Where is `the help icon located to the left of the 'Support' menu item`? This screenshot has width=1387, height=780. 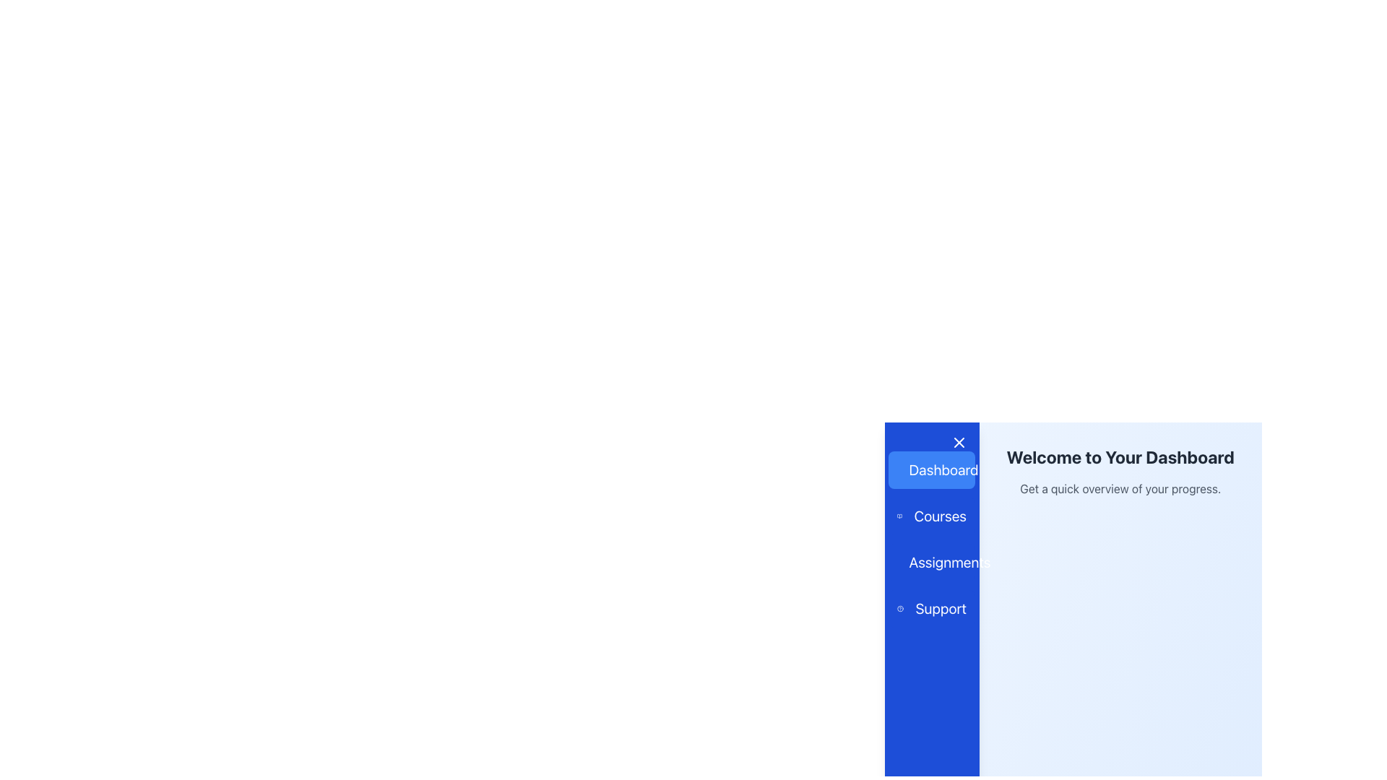
the help icon located to the left of the 'Support' menu item is located at coordinates (899, 609).